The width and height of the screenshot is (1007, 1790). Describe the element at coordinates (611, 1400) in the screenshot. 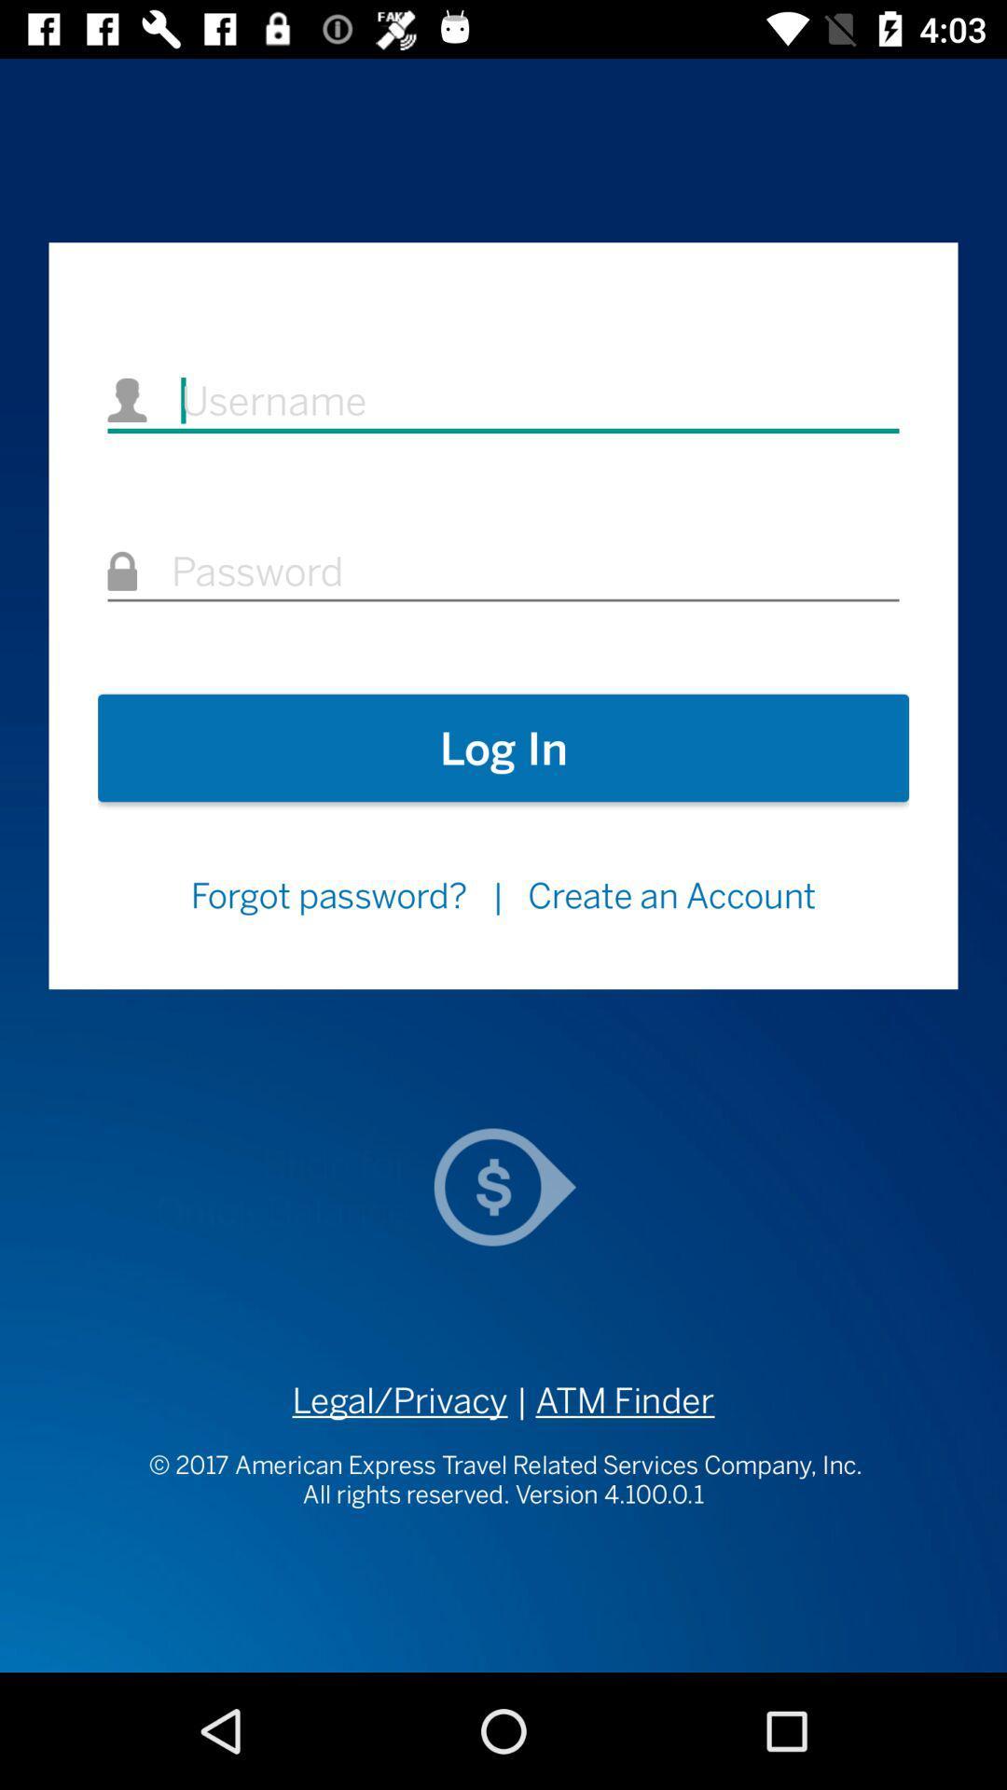

I see `item above 2017 american express item` at that location.